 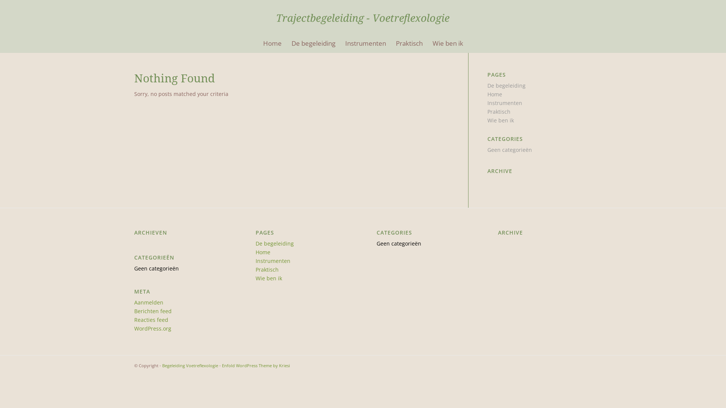 What do you see at coordinates (221, 365) in the screenshot?
I see `'Enfold WordPress Theme by Kriesi'` at bounding box center [221, 365].